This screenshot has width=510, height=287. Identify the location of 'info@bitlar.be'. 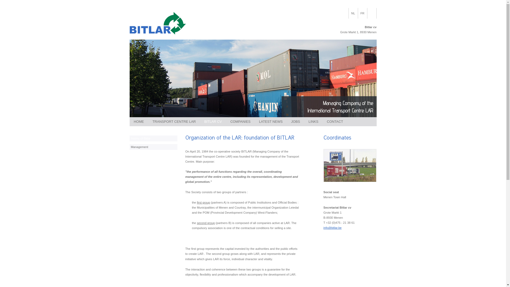
(323, 227).